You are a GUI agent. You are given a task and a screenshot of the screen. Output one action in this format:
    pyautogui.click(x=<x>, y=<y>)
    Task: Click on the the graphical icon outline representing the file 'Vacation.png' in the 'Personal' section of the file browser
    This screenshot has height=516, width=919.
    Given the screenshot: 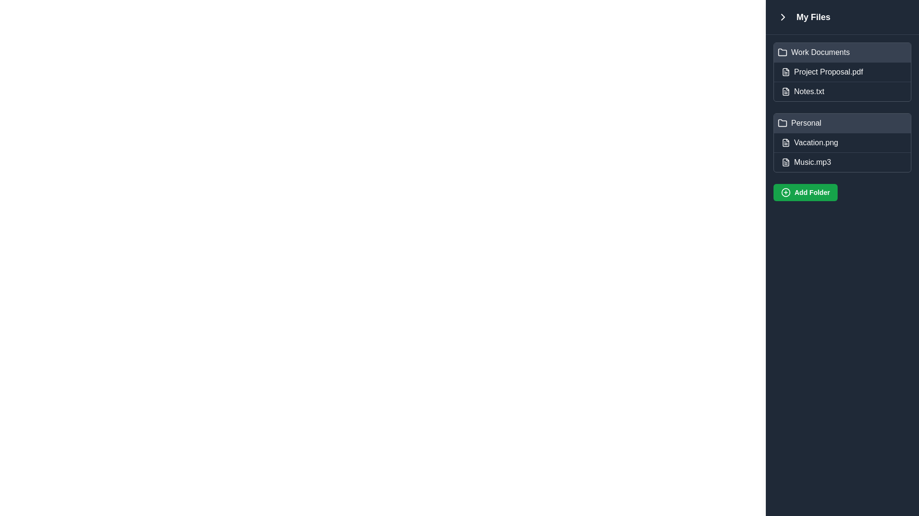 What is the action you would take?
    pyautogui.click(x=785, y=143)
    